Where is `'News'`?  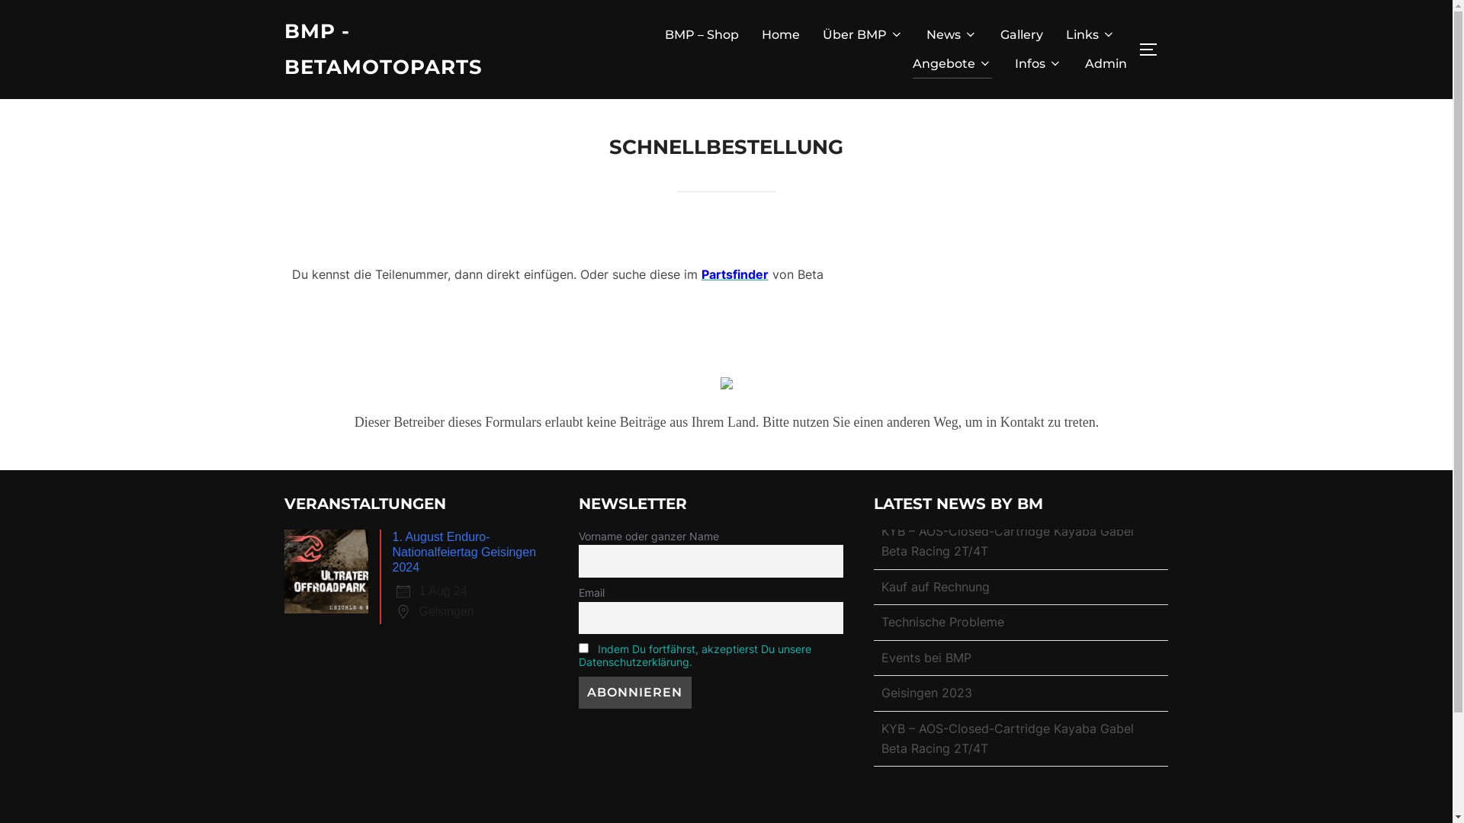 'News' is located at coordinates (950, 34).